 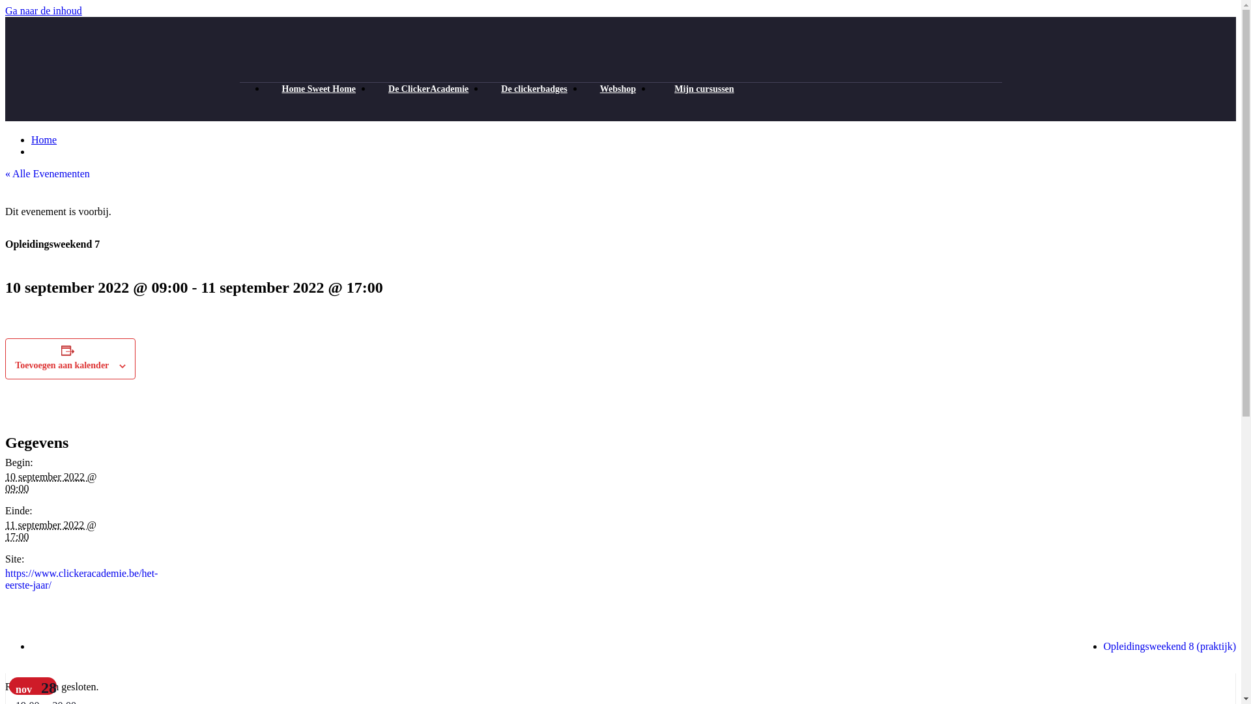 I want to click on 'https://www.clickeracademie.be/het-eerste-jaar/', so click(x=80, y=578).